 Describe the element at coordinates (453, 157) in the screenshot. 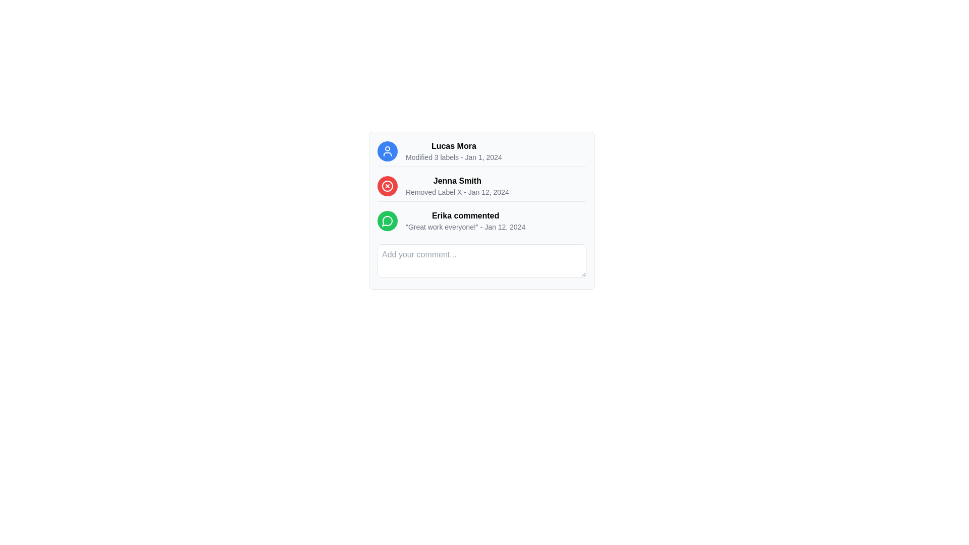

I see `the static text component that summarizes the action performed by the user, located directly below the text 'Lucas Mora'` at that location.